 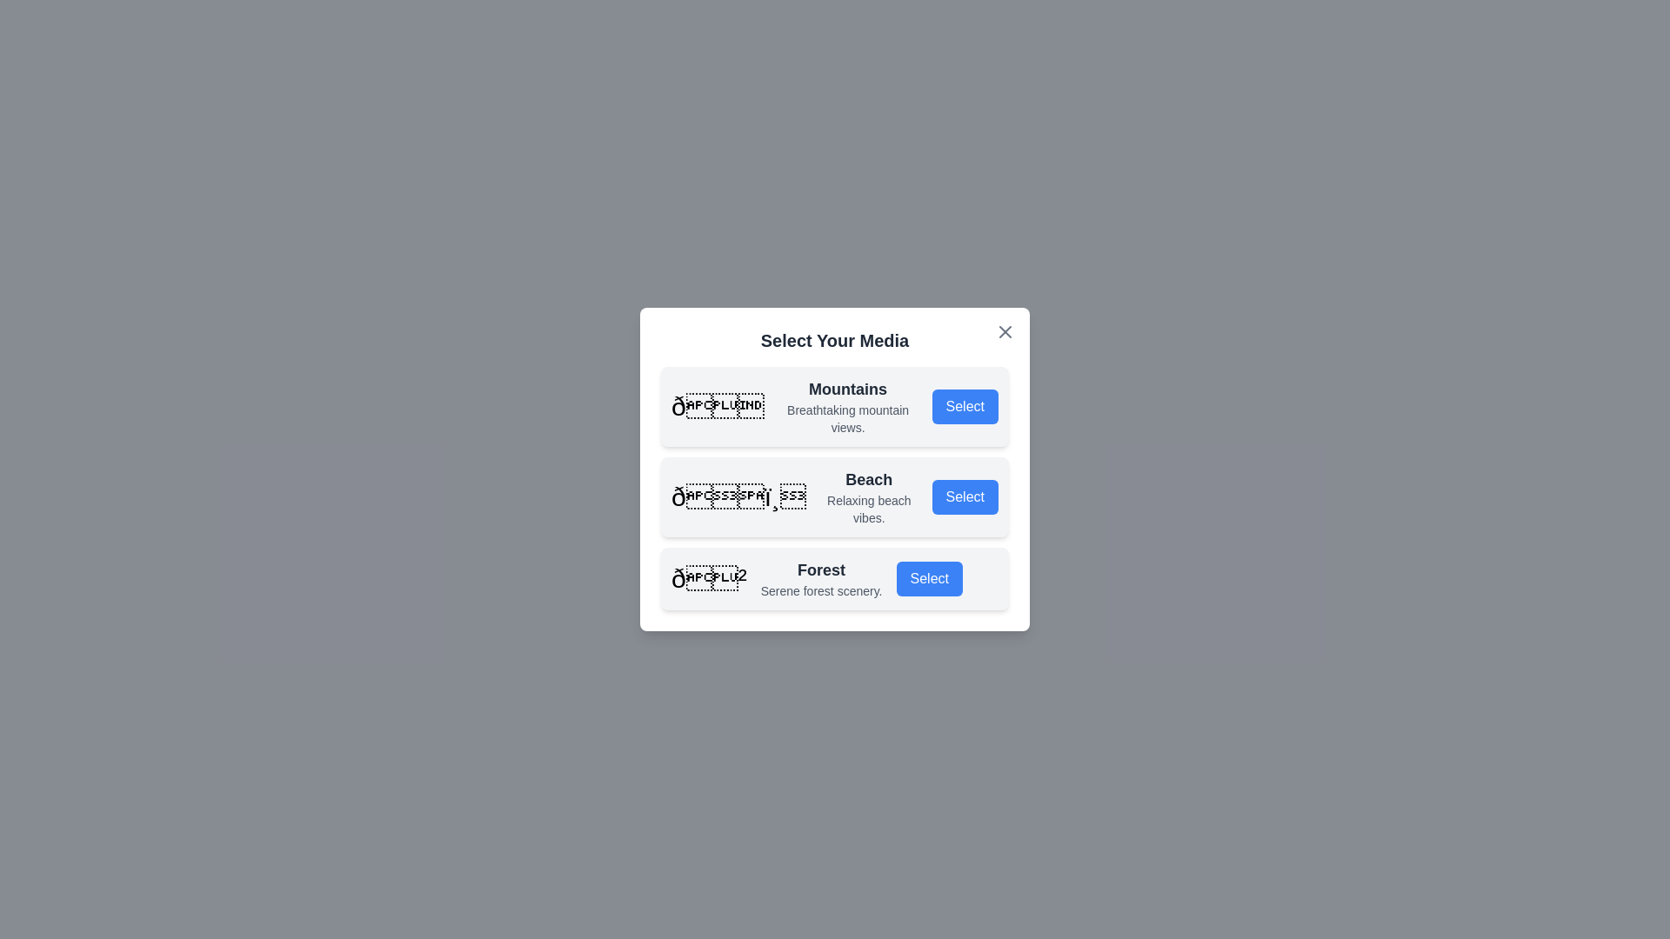 What do you see at coordinates (964, 496) in the screenshot?
I see `'Select' button for the specified media option Beach` at bounding box center [964, 496].